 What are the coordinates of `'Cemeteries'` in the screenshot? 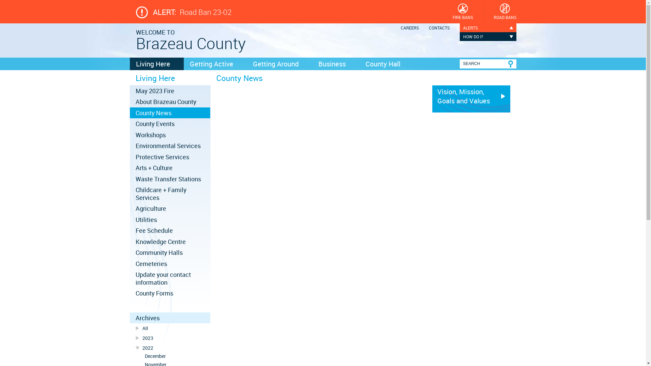 It's located at (130, 263).